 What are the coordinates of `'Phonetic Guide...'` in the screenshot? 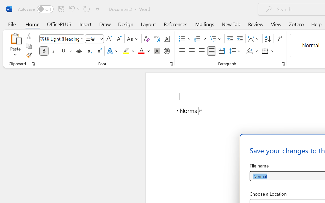 It's located at (157, 39).